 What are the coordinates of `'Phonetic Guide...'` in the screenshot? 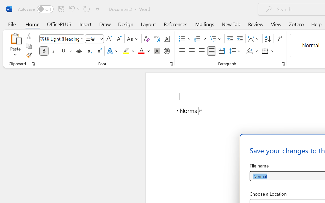 It's located at (157, 39).